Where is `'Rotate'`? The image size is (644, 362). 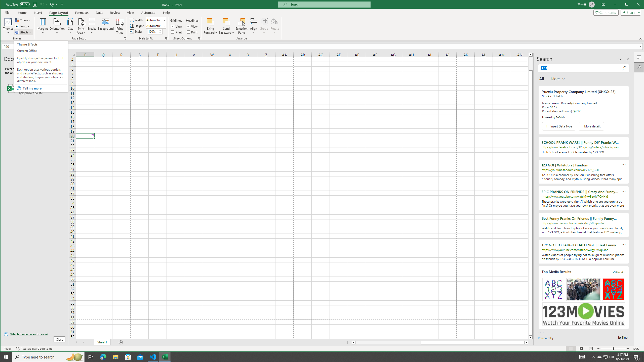
'Rotate' is located at coordinates (274, 26).